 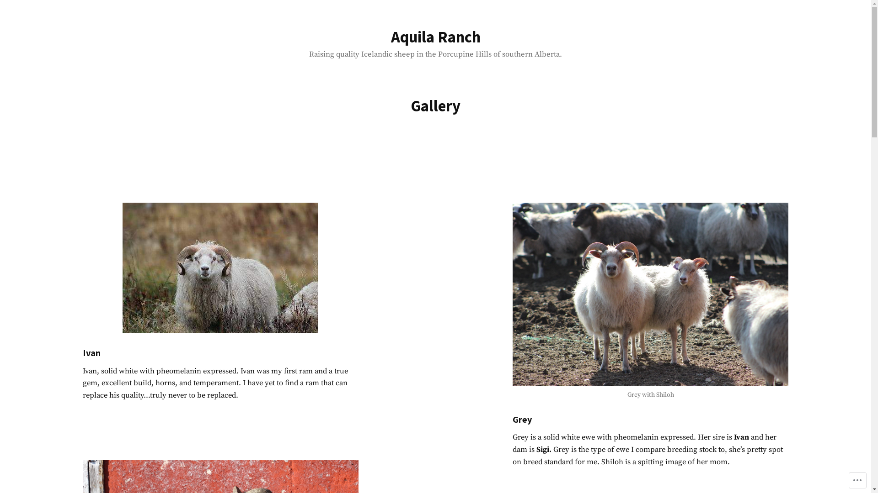 I want to click on 'Aquila Ranch', so click(x=434, y=36).